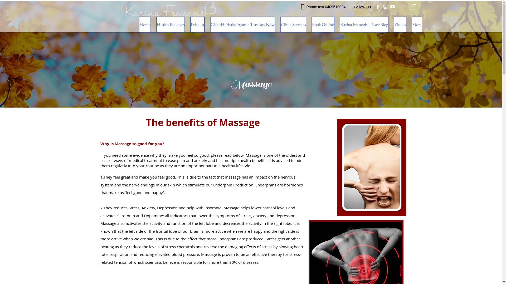 Image resolution: width=506 pixels, height=284 pixels. What do you see at coordinates (144, 24) in the screenshot?
I see `'Home'` at bounding box center [144, 24].